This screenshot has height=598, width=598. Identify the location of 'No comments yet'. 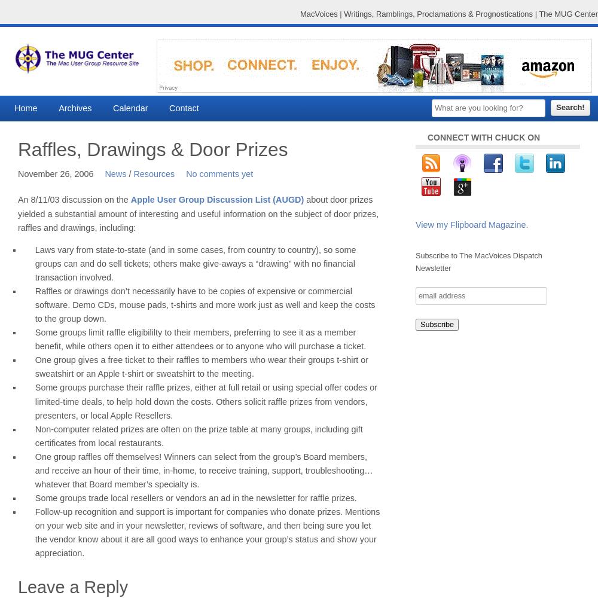
(219, 174).